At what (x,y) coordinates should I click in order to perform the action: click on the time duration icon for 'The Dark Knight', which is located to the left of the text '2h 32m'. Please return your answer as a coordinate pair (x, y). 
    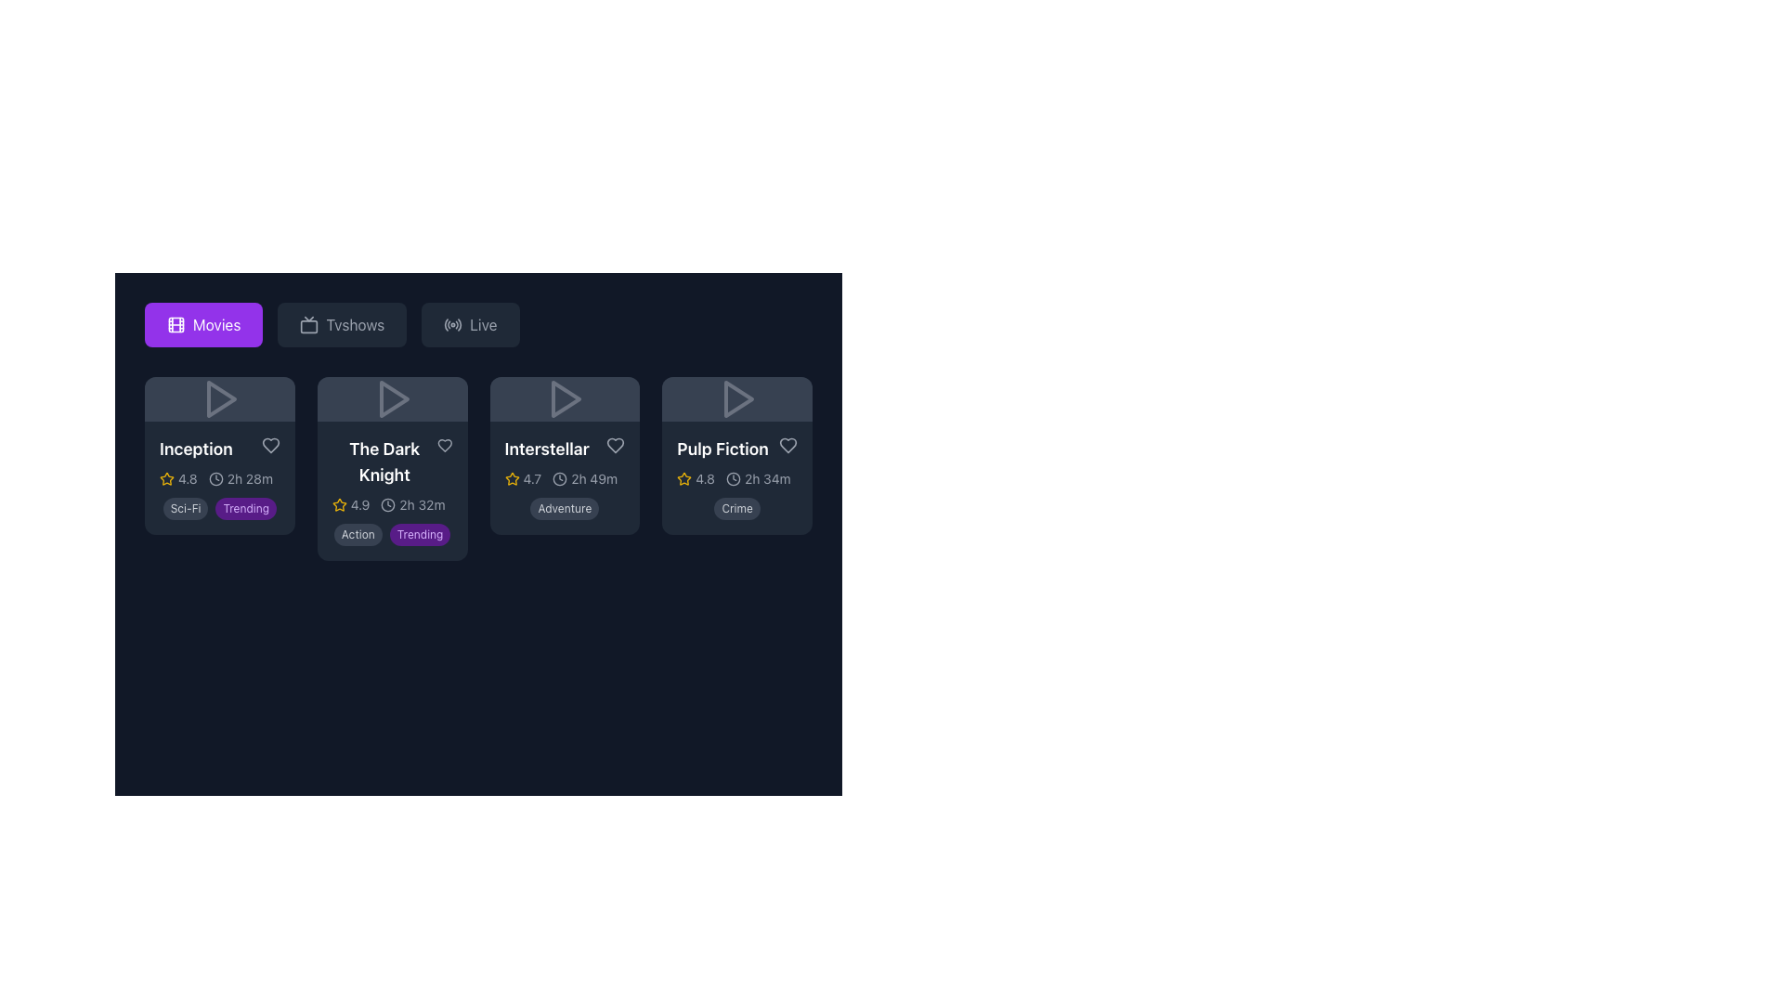
    Looking at the image, I should click on (387, 504).